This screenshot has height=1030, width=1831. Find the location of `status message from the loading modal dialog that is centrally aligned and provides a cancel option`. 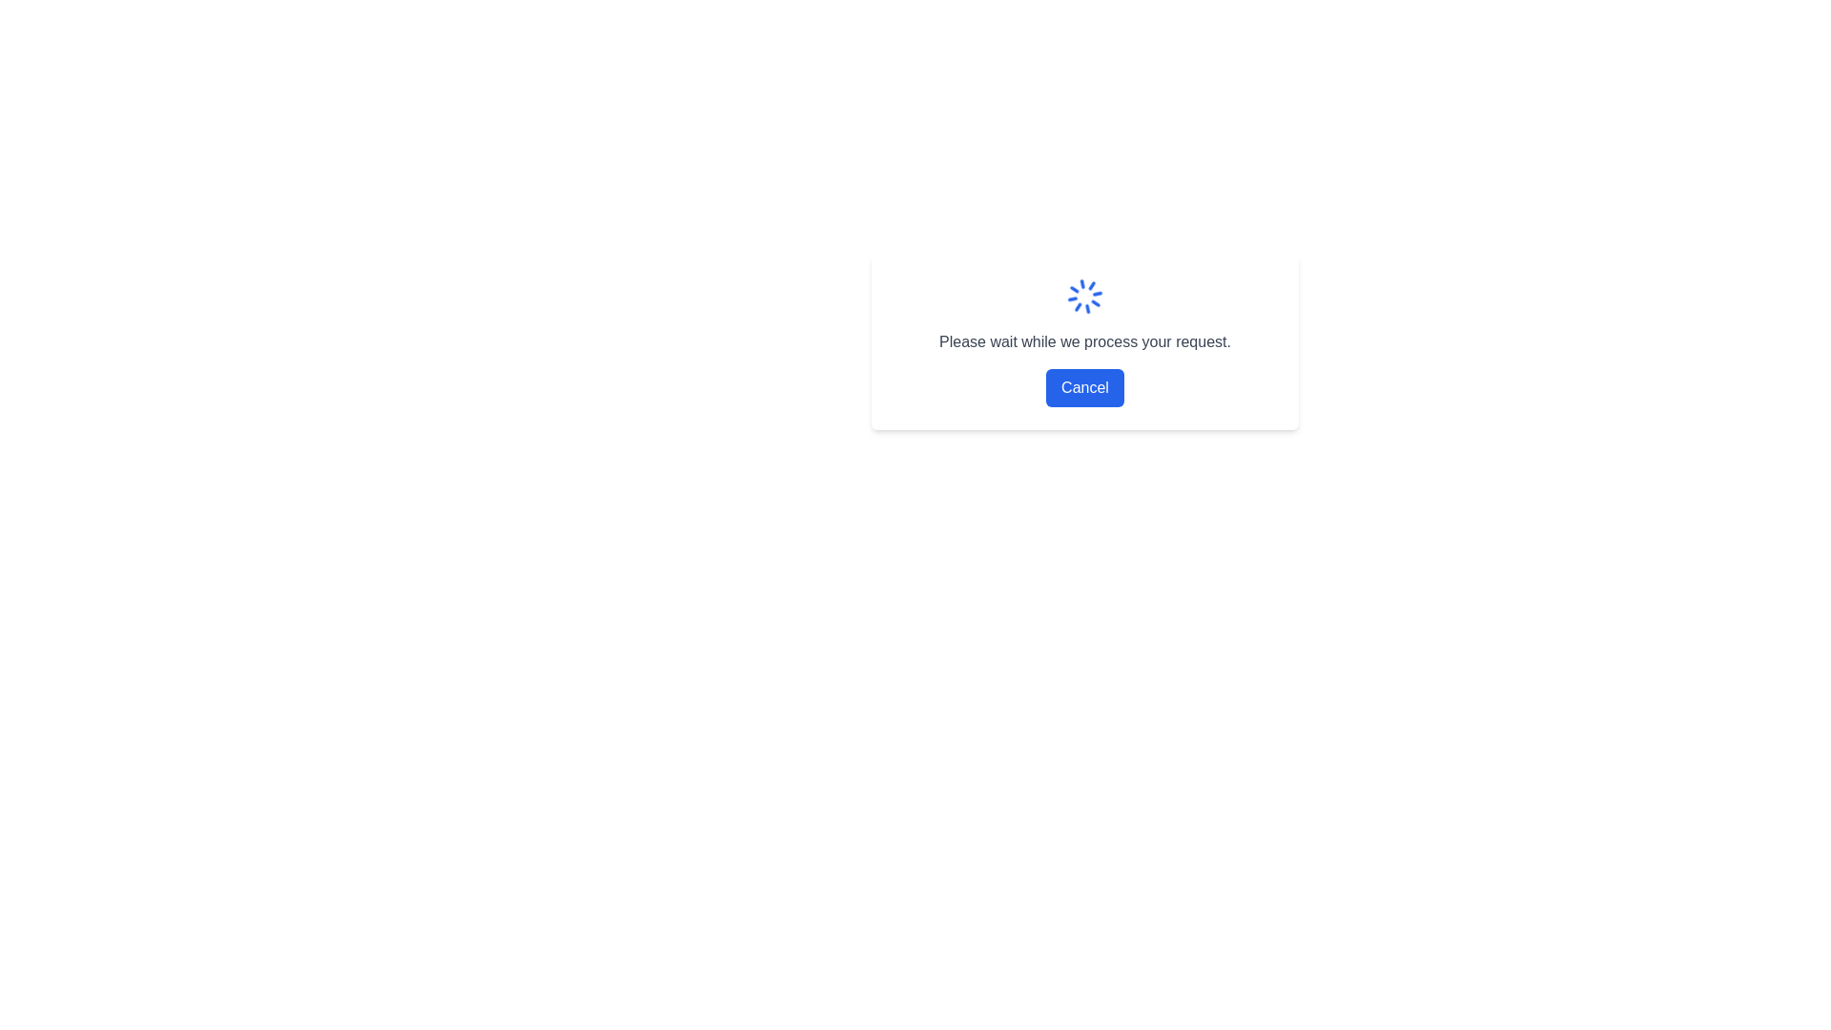

status message from the loading modal dialog that is centrally aligned and provides a cancel option is located at coordinates (1084, 340).